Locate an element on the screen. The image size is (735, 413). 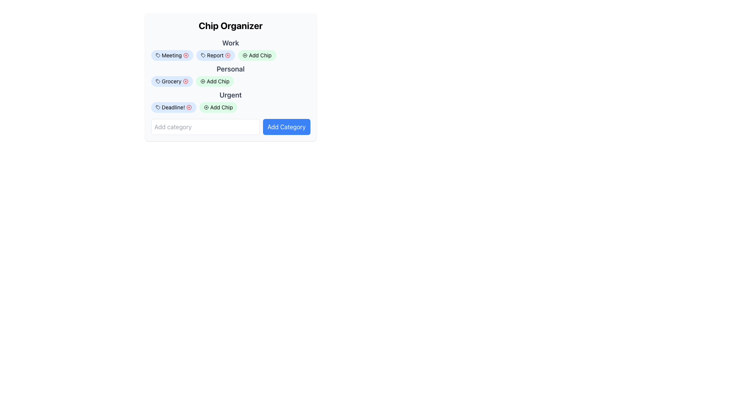
the circular close icon representing the delete function for the 'Deadline!' tag in the 'Urgent' section of the Chip Organizer UI is located at coordinates (189, 107).